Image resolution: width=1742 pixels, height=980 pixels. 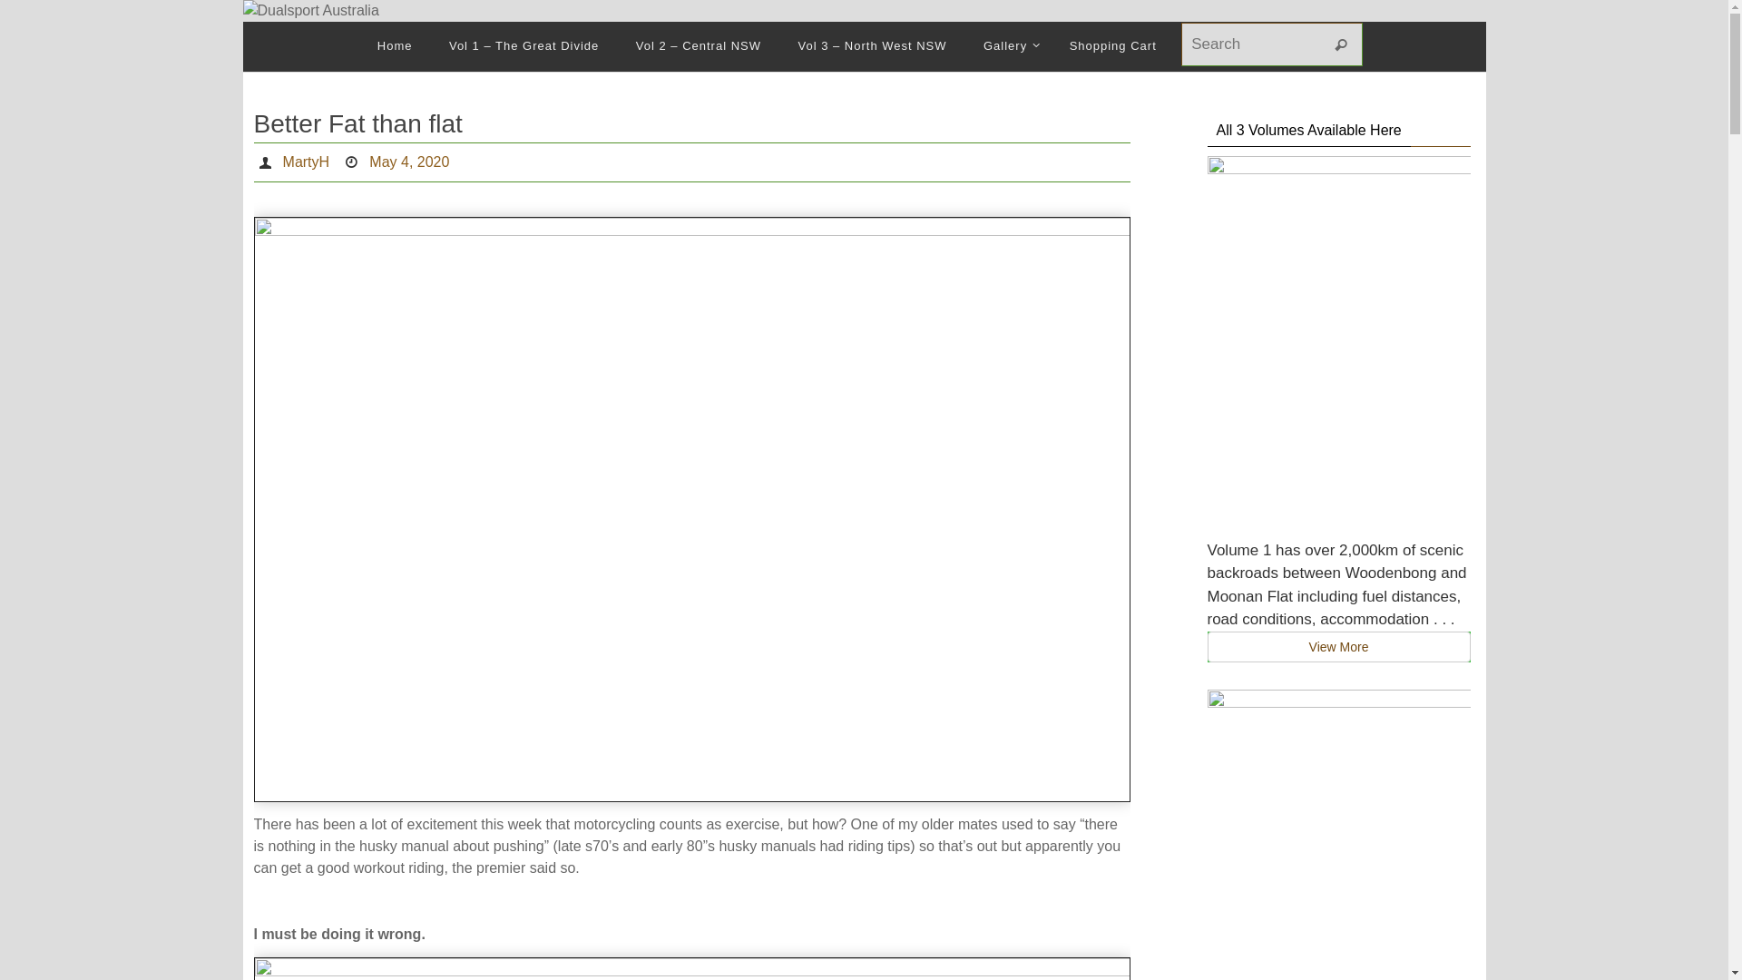 What do you see at coordinates (240, 48) in the screenshot?
I see `'Skip to content'` at bounding box center [240, 48].